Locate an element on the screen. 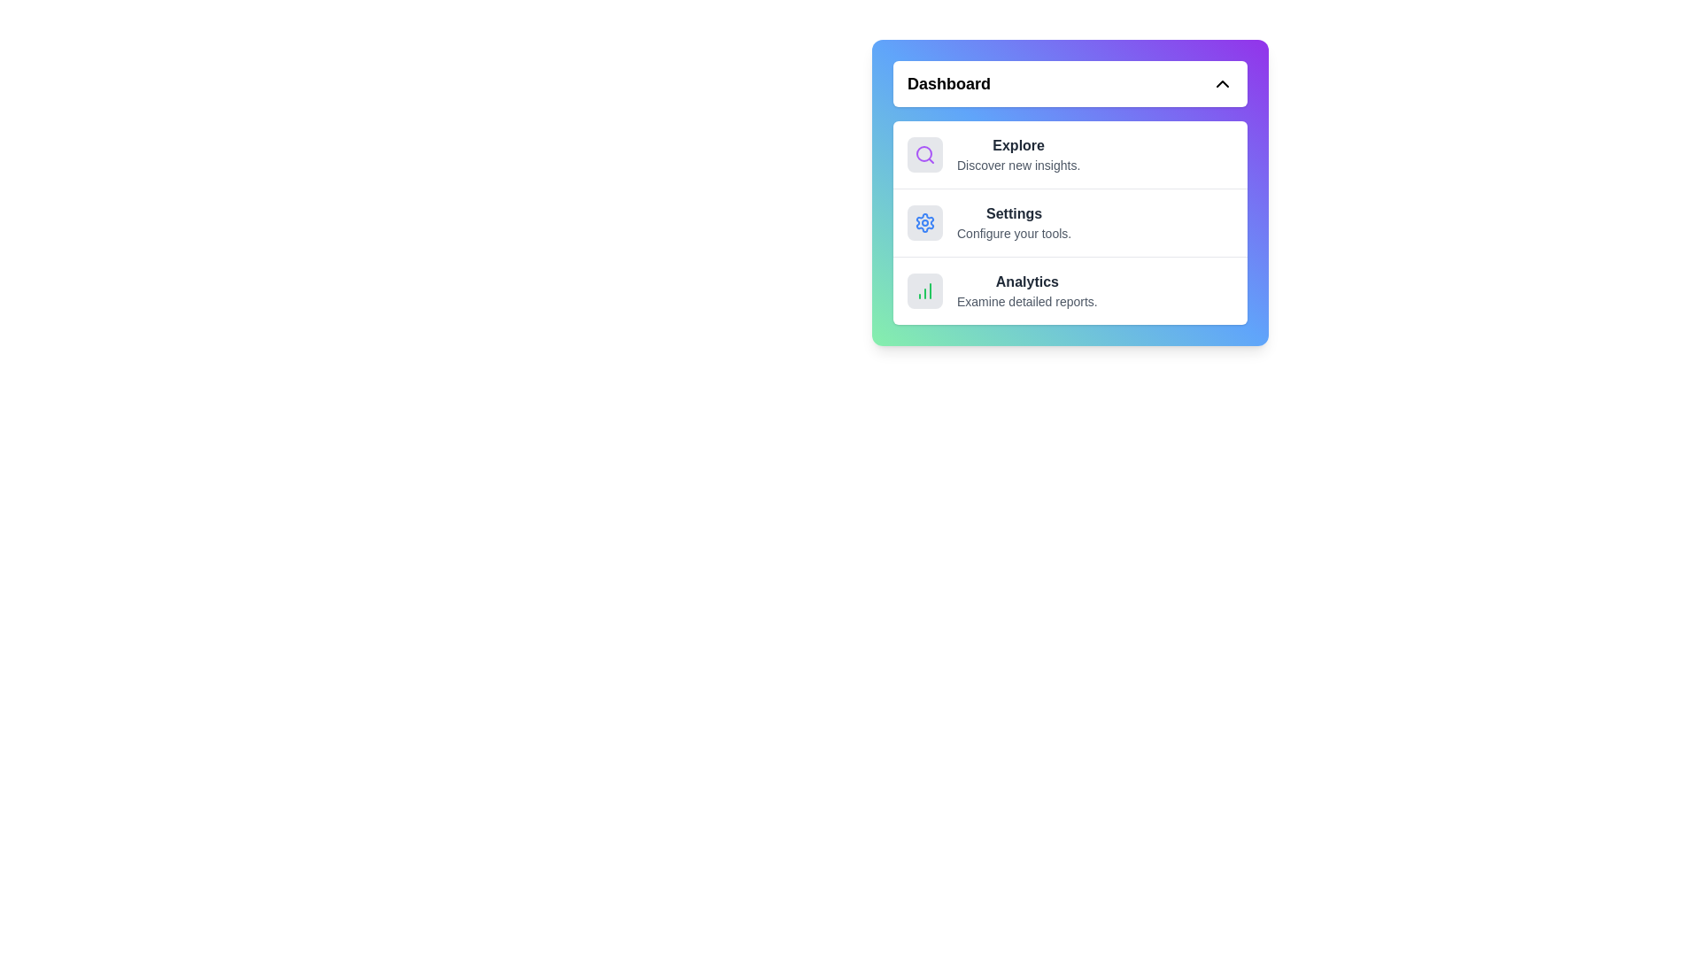 The height and width of the screenshot is (956, 1700). the menu item Analytics to see its hover effect is located at coordinates (1070, 289).